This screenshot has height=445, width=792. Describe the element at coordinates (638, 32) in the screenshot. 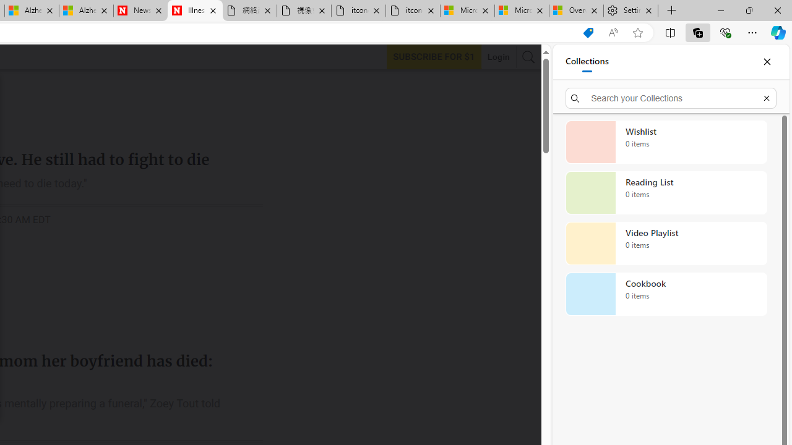

I see `'Add this page to favorites (Ctrl+D)'` at that location.